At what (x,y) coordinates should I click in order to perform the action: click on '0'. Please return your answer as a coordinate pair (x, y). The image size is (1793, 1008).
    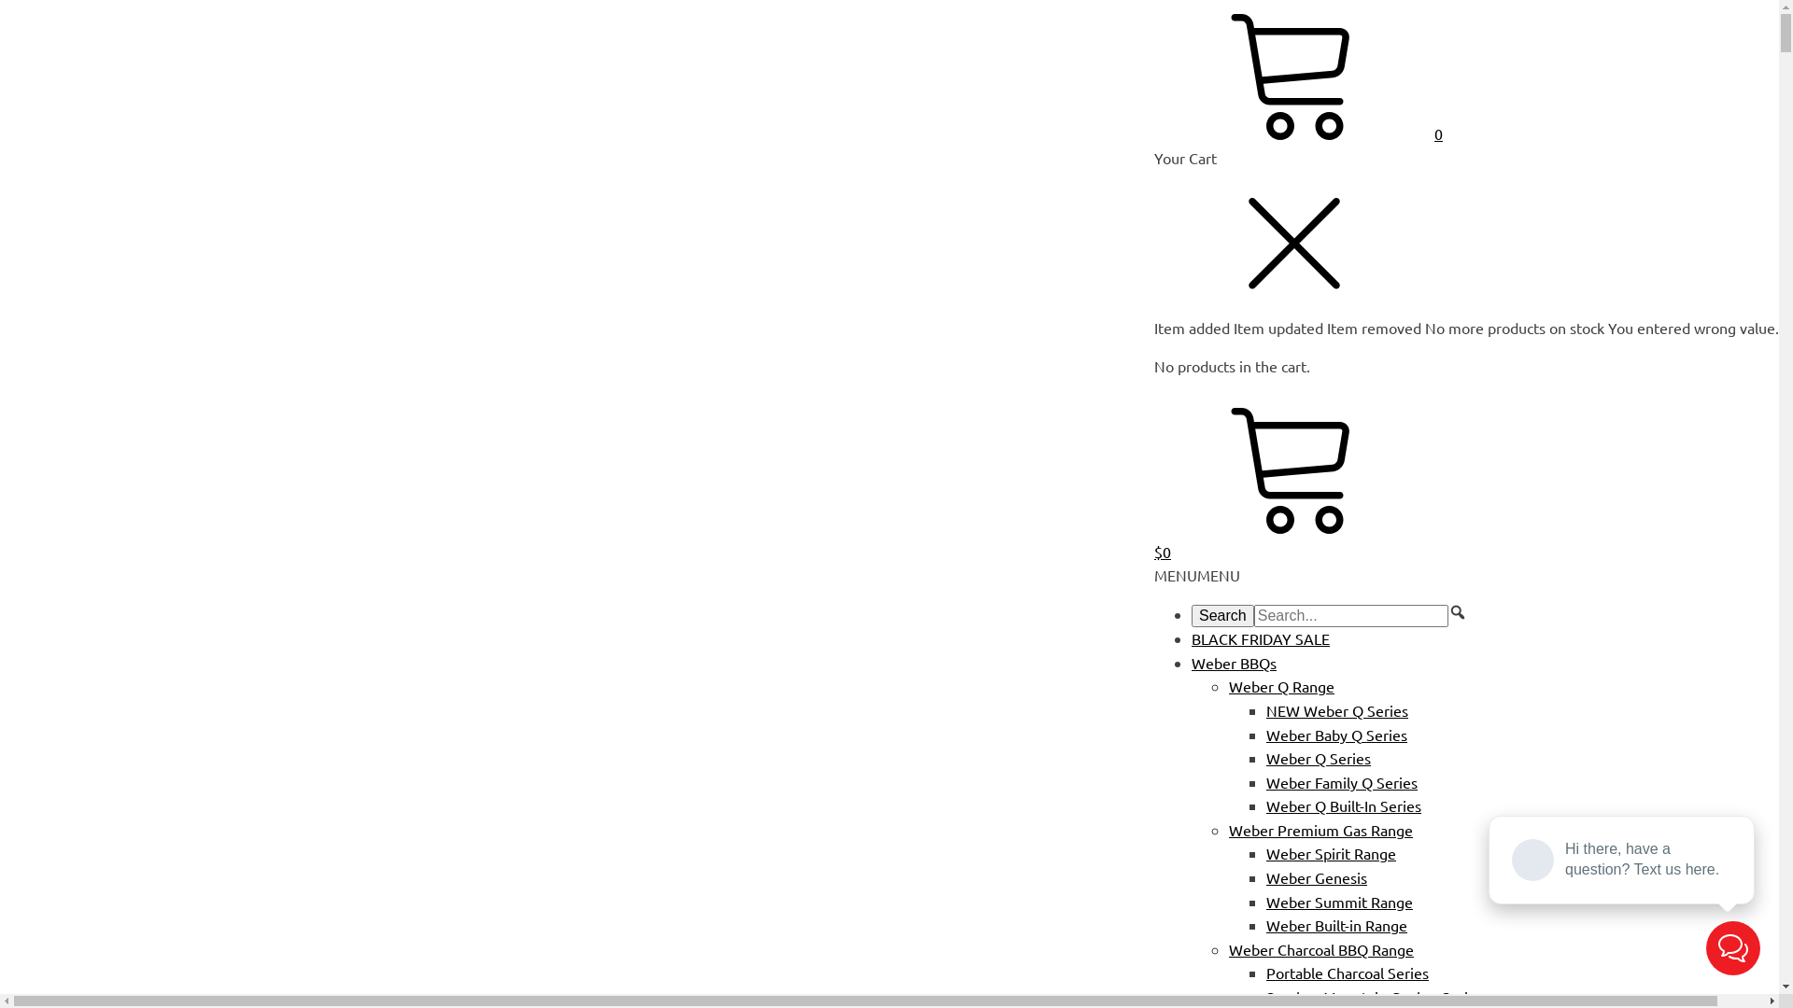
    Looking at the image, I should click on (1297, 132).